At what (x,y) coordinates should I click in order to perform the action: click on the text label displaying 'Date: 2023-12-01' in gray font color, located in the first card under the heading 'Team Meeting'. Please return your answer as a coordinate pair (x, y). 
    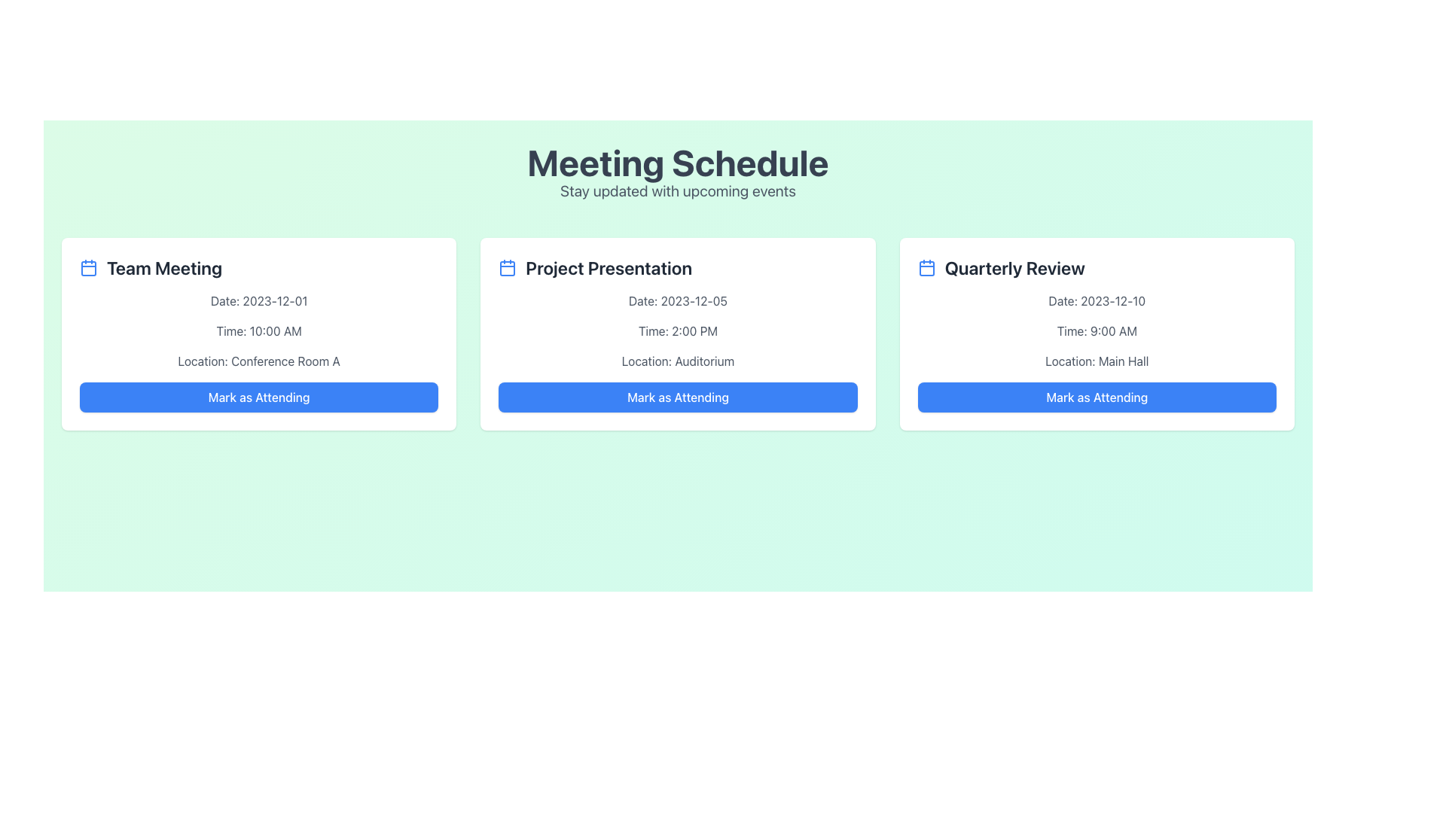
    Looking at the image, I should click on (259, 301).